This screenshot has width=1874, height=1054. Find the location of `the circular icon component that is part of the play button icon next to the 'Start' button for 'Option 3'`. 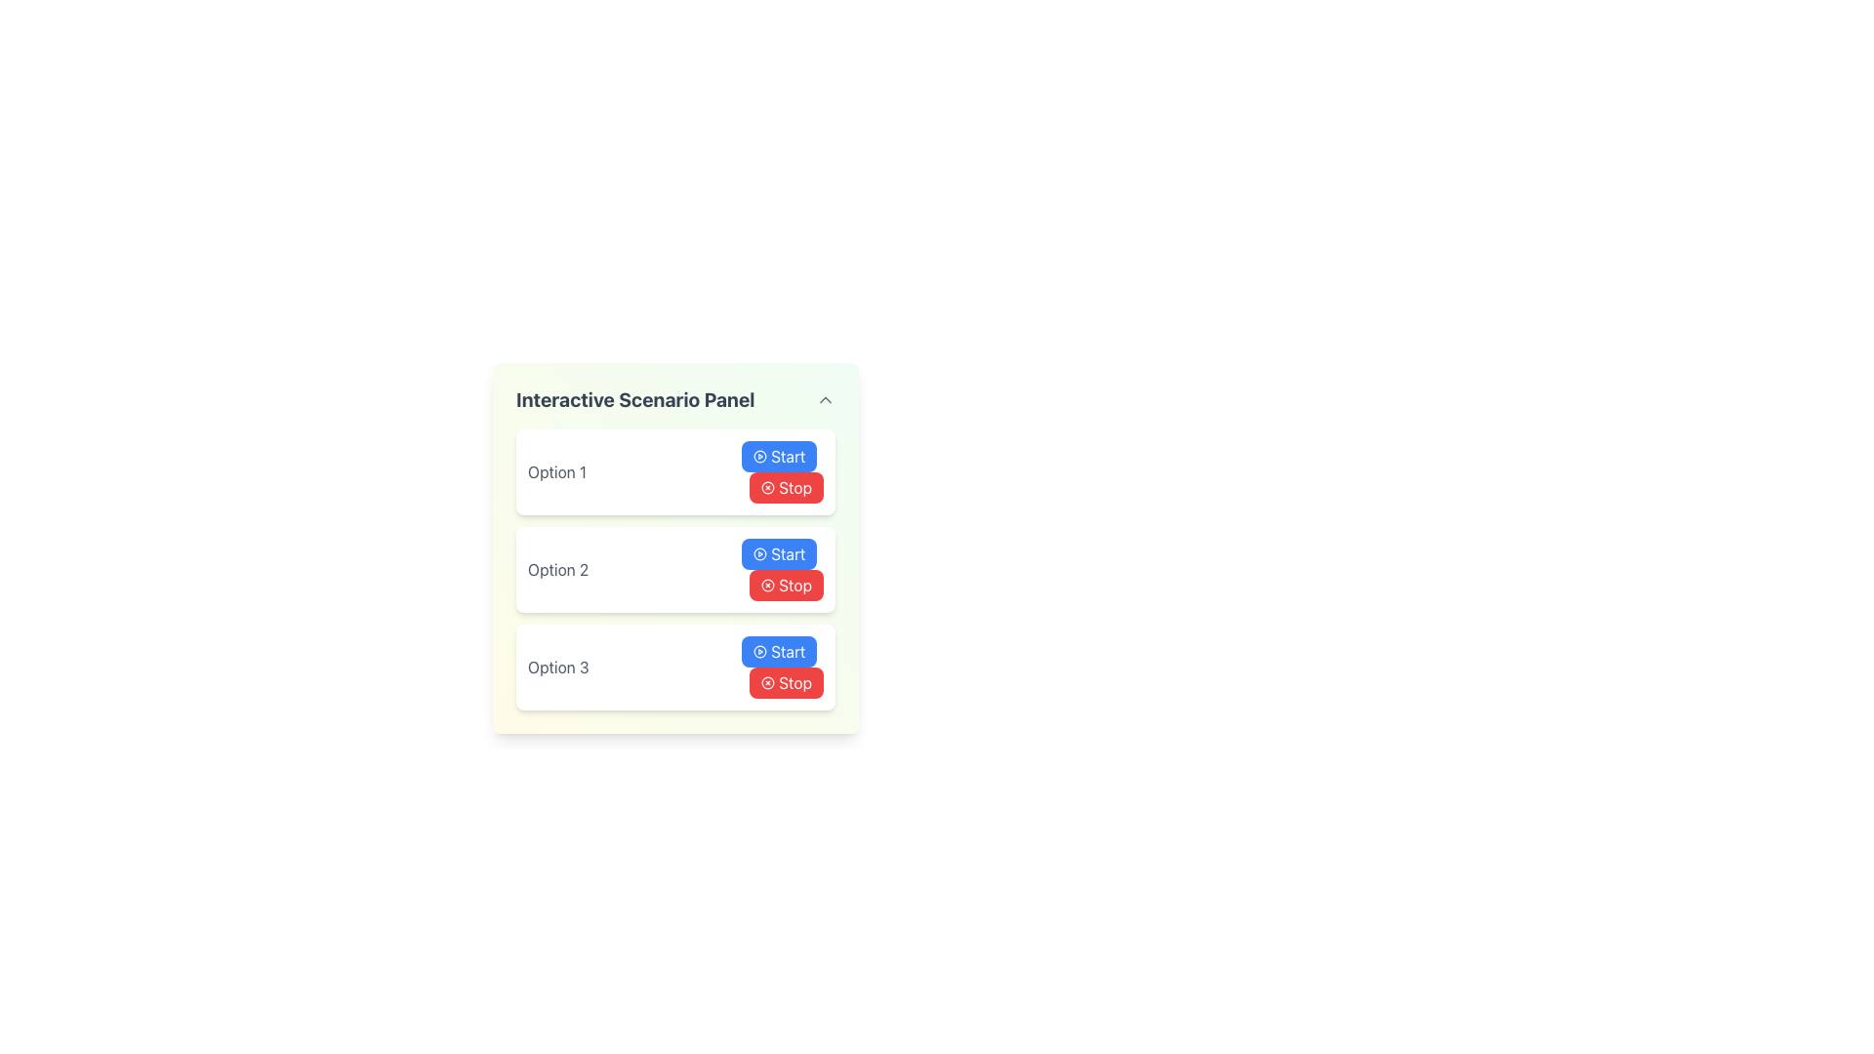

the circular icon component that is part of the play button icon next to the 'Start' button for 'Option 3' is located at coordinates (759, 651).